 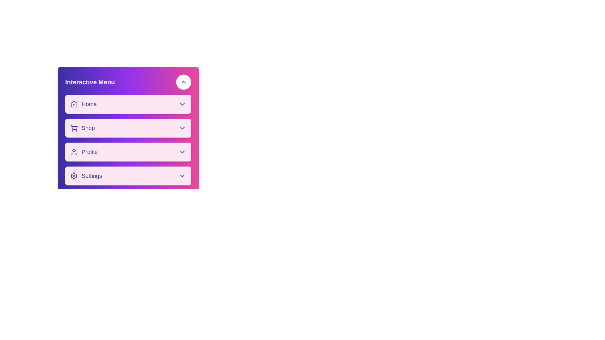 I want to click on the 'Shop' menu item, which is a shopping cart icon followed by the text 'Shop', located as the second item in the vertical list of menu options, so click(x=82, y=128).